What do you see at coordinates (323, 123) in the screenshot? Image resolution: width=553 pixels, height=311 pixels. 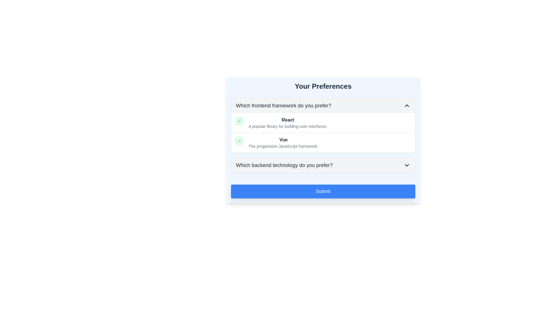 I see `the first selectable list item indicating preference for the React framework under the heading 'Which frontend framework do you prefer?'` at bounding box center [323, 123].